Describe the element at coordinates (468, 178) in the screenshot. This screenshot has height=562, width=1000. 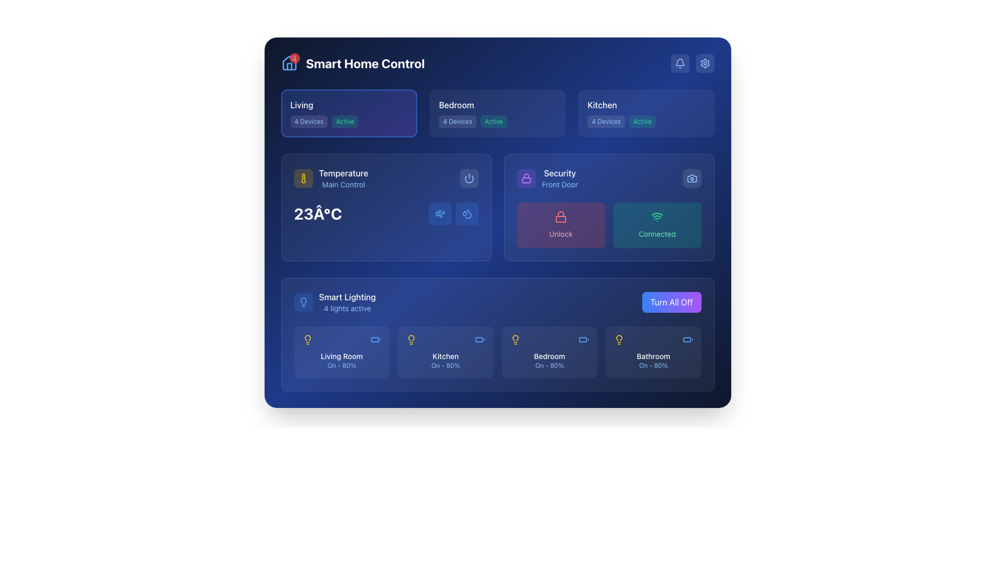
I see `the blue circular power symbol icon located in the top-right corner of the 'Temperature' card` at that location.